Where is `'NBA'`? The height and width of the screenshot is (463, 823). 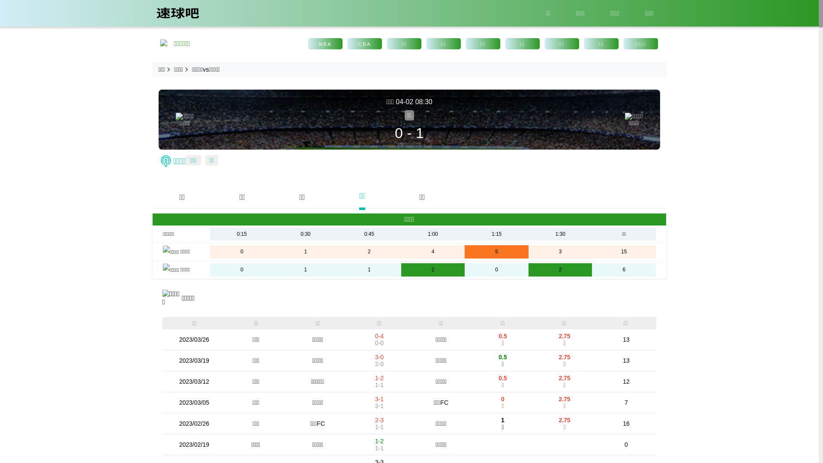 'NBA' is located at coordinates (324, 44).